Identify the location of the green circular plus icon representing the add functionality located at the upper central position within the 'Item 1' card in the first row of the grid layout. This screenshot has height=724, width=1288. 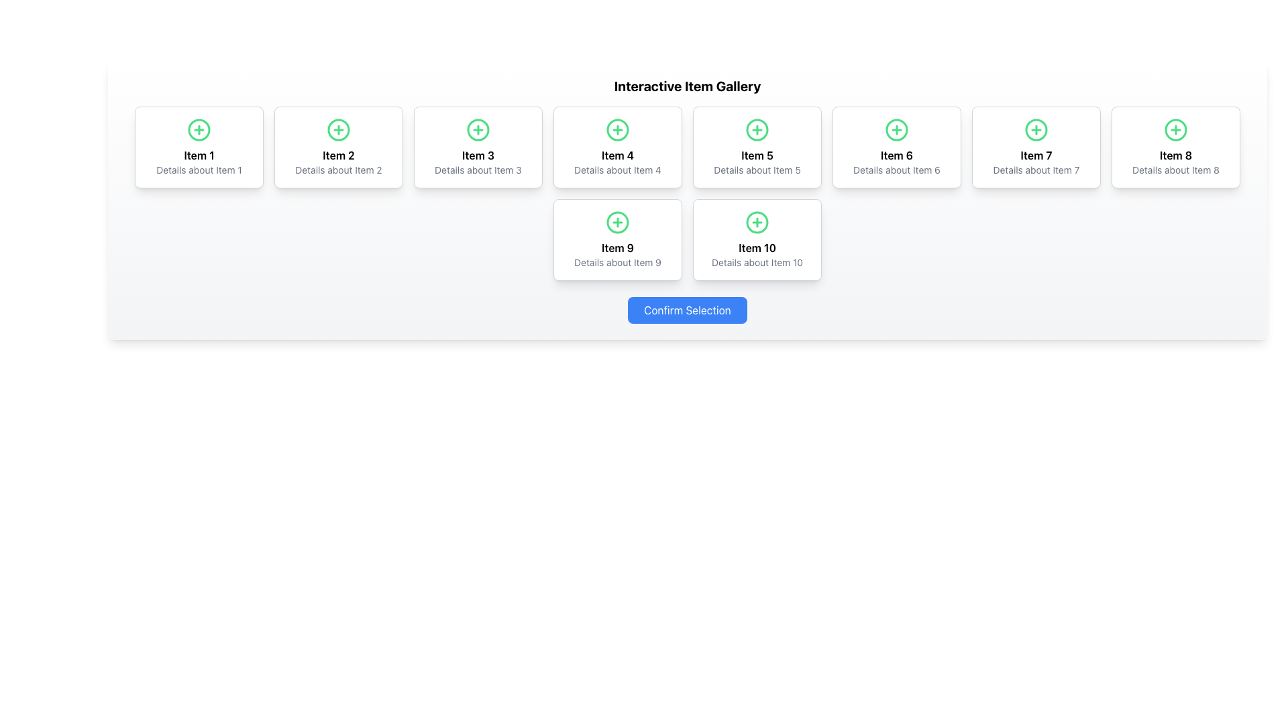
(199, 129).